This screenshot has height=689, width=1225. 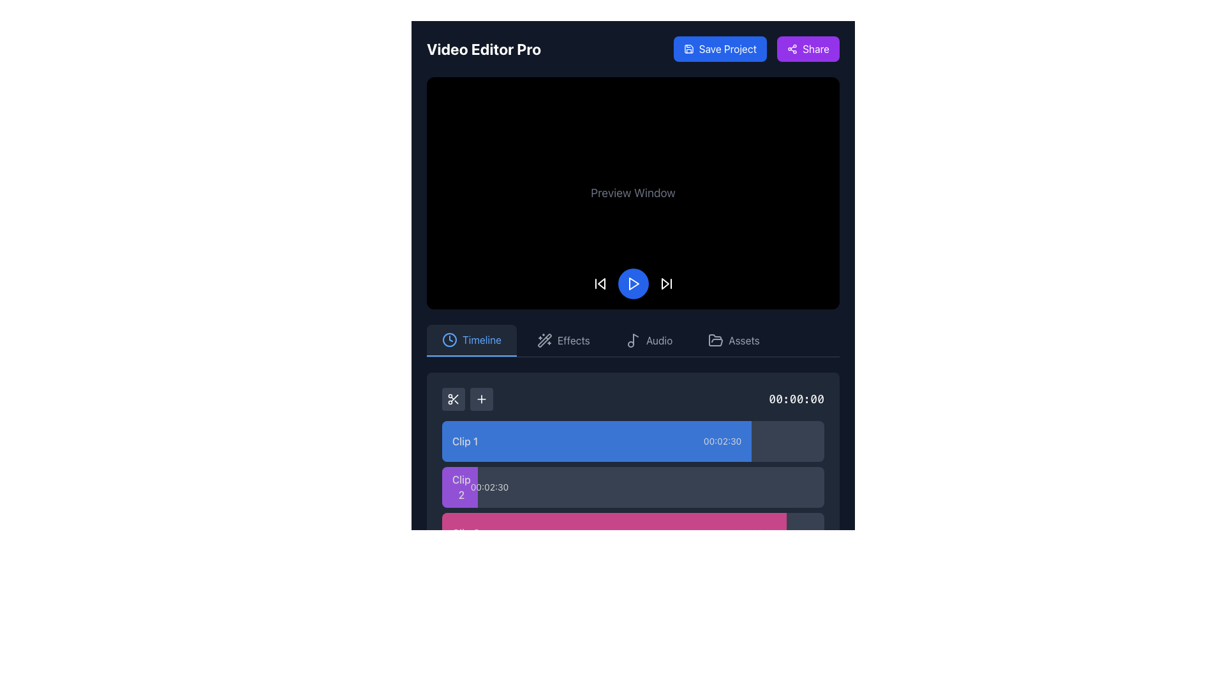 I want to click on the audio editing tab button located in the horizontal navigation bar, which is the third item from the left, between the 'Effects' tab and the 'Assets' tab, to observe its hover effects, so click(x=649, y=339).